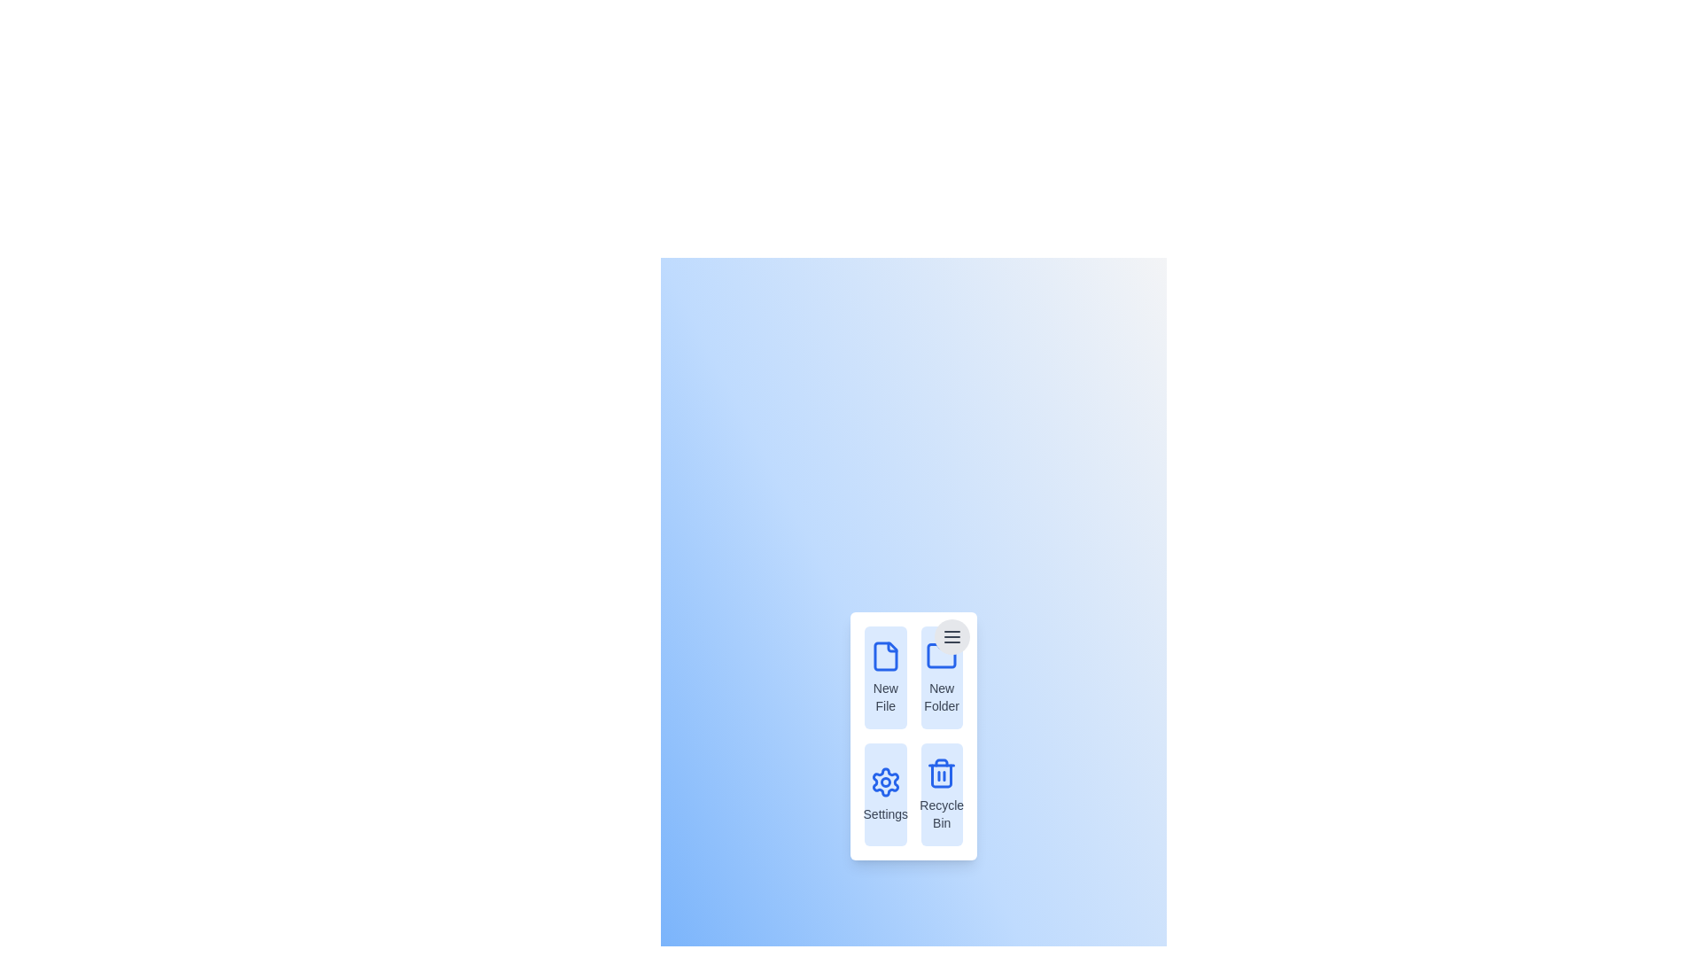 This screenshot has height=957, width=1701. I want to click on the menu item New File from the context menu, so click(885, 677).